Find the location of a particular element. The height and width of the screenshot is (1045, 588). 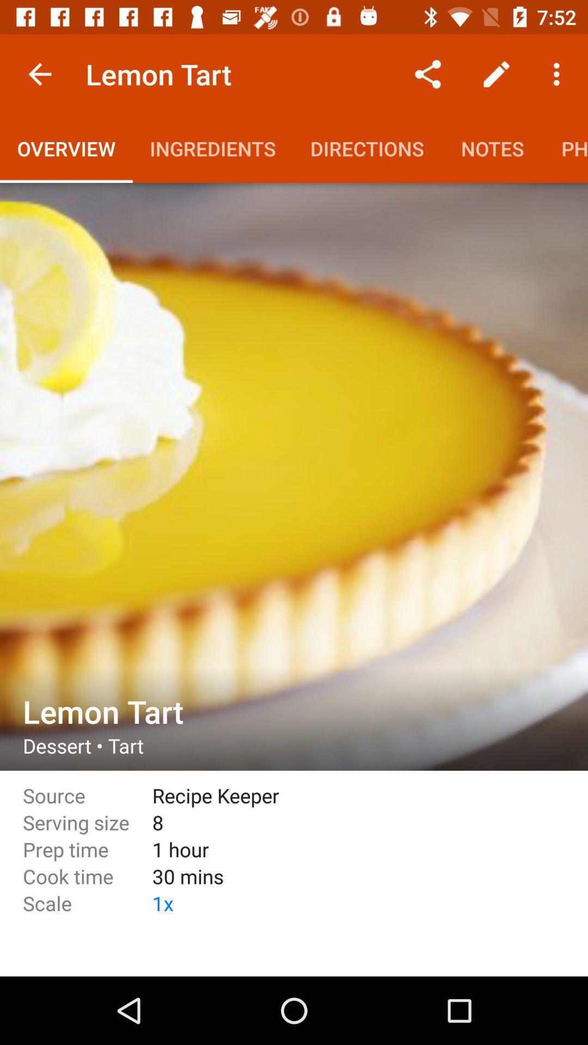

the icon to the right of cook time item is located at coordinates (347, 903).